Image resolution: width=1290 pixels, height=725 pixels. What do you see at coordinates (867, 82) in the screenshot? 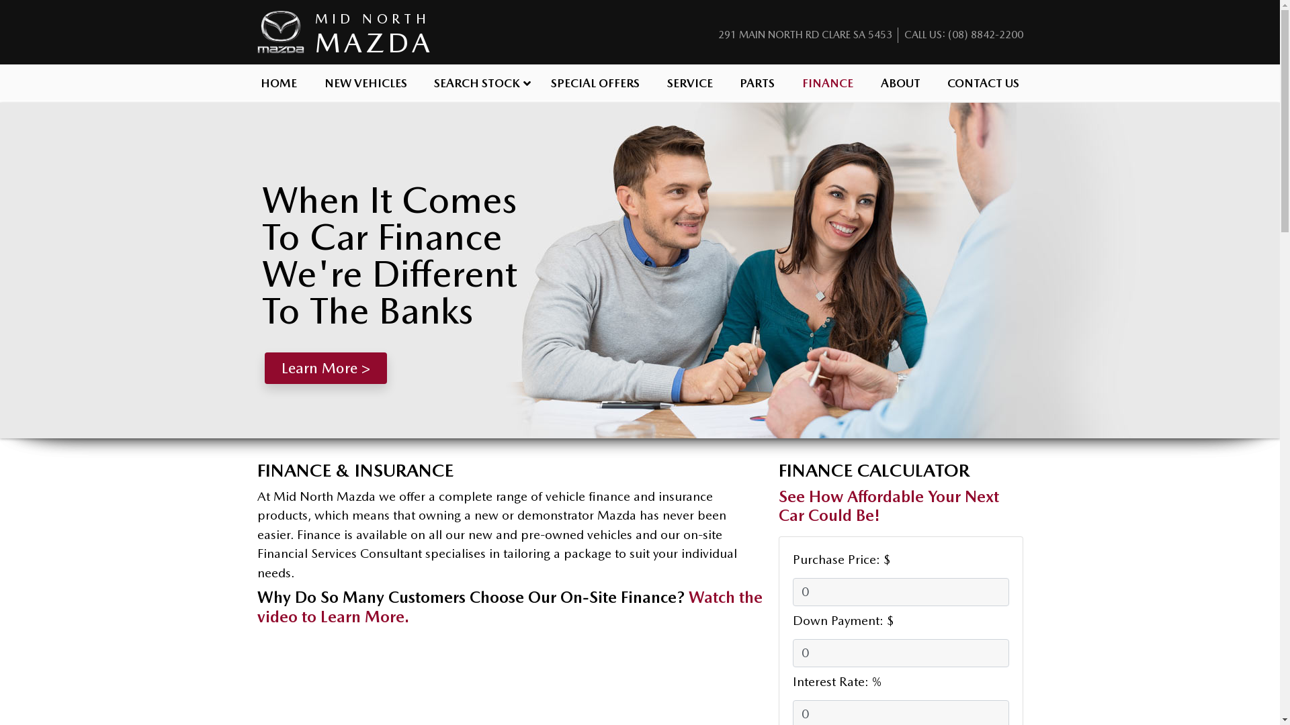
I see `'ABOUT'` at bounding box center [867, 82].